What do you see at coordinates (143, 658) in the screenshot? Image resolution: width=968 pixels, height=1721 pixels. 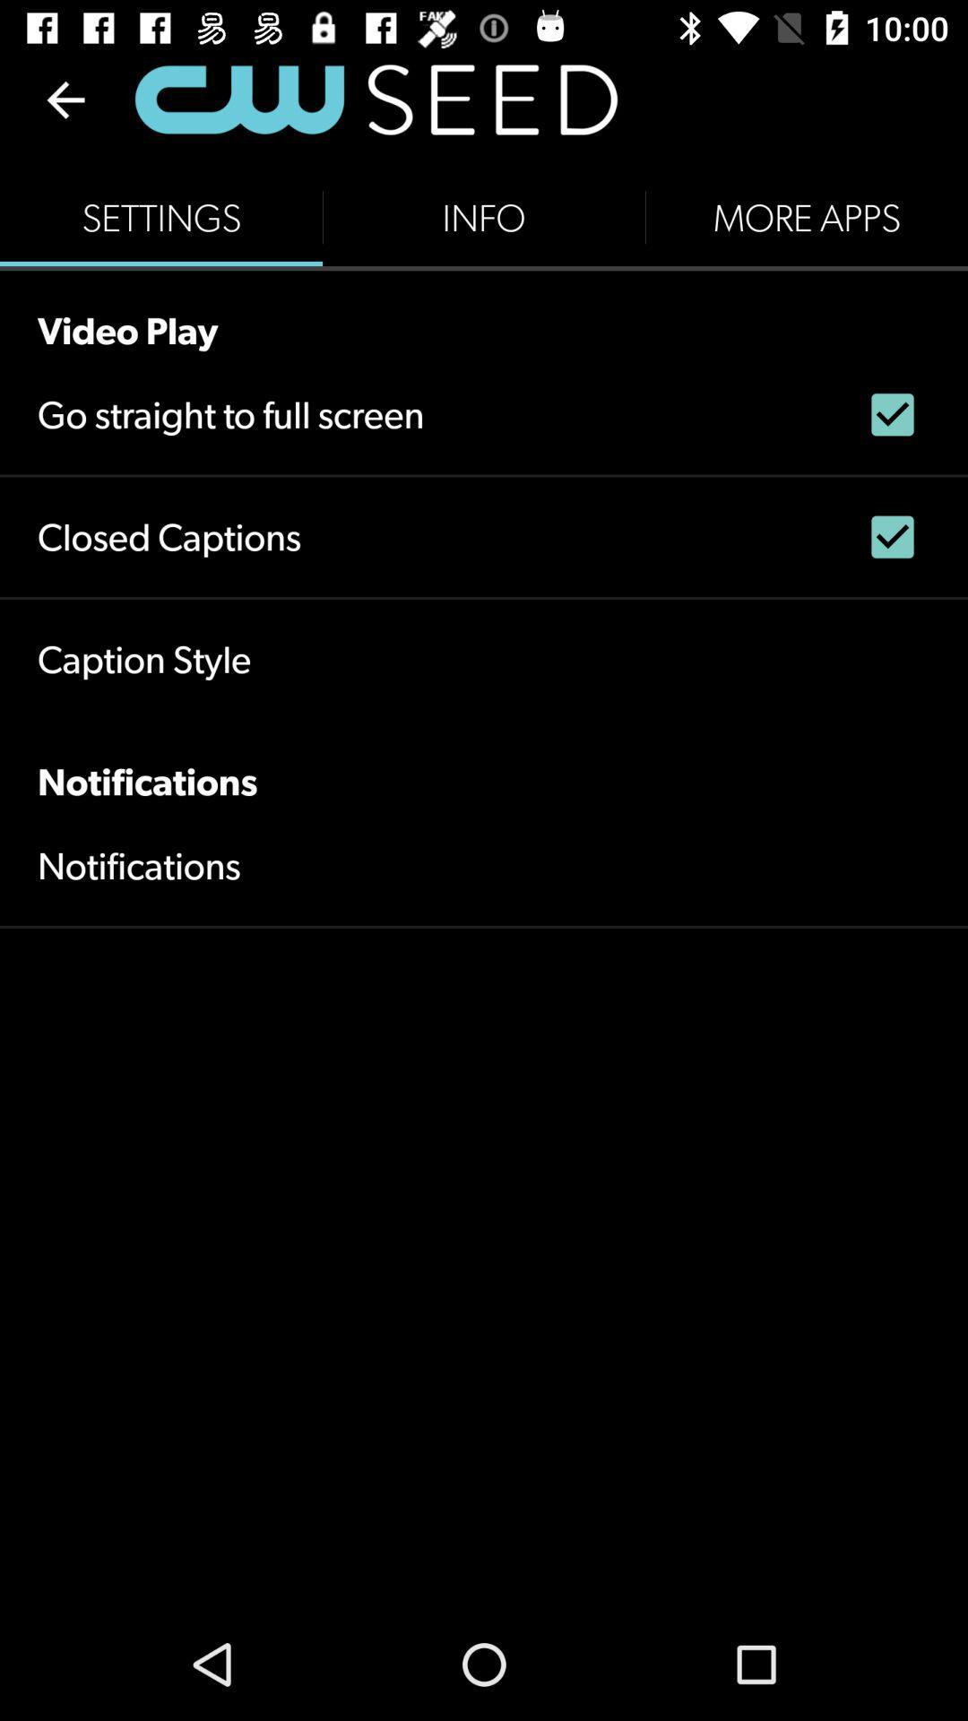 I see `the caption style icon` at bounding box center [143, 658].